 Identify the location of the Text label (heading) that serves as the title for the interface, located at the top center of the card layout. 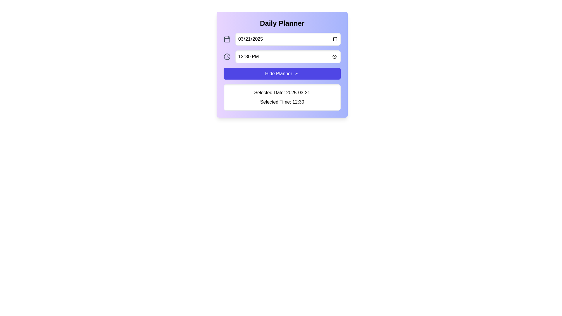
(282, 23).